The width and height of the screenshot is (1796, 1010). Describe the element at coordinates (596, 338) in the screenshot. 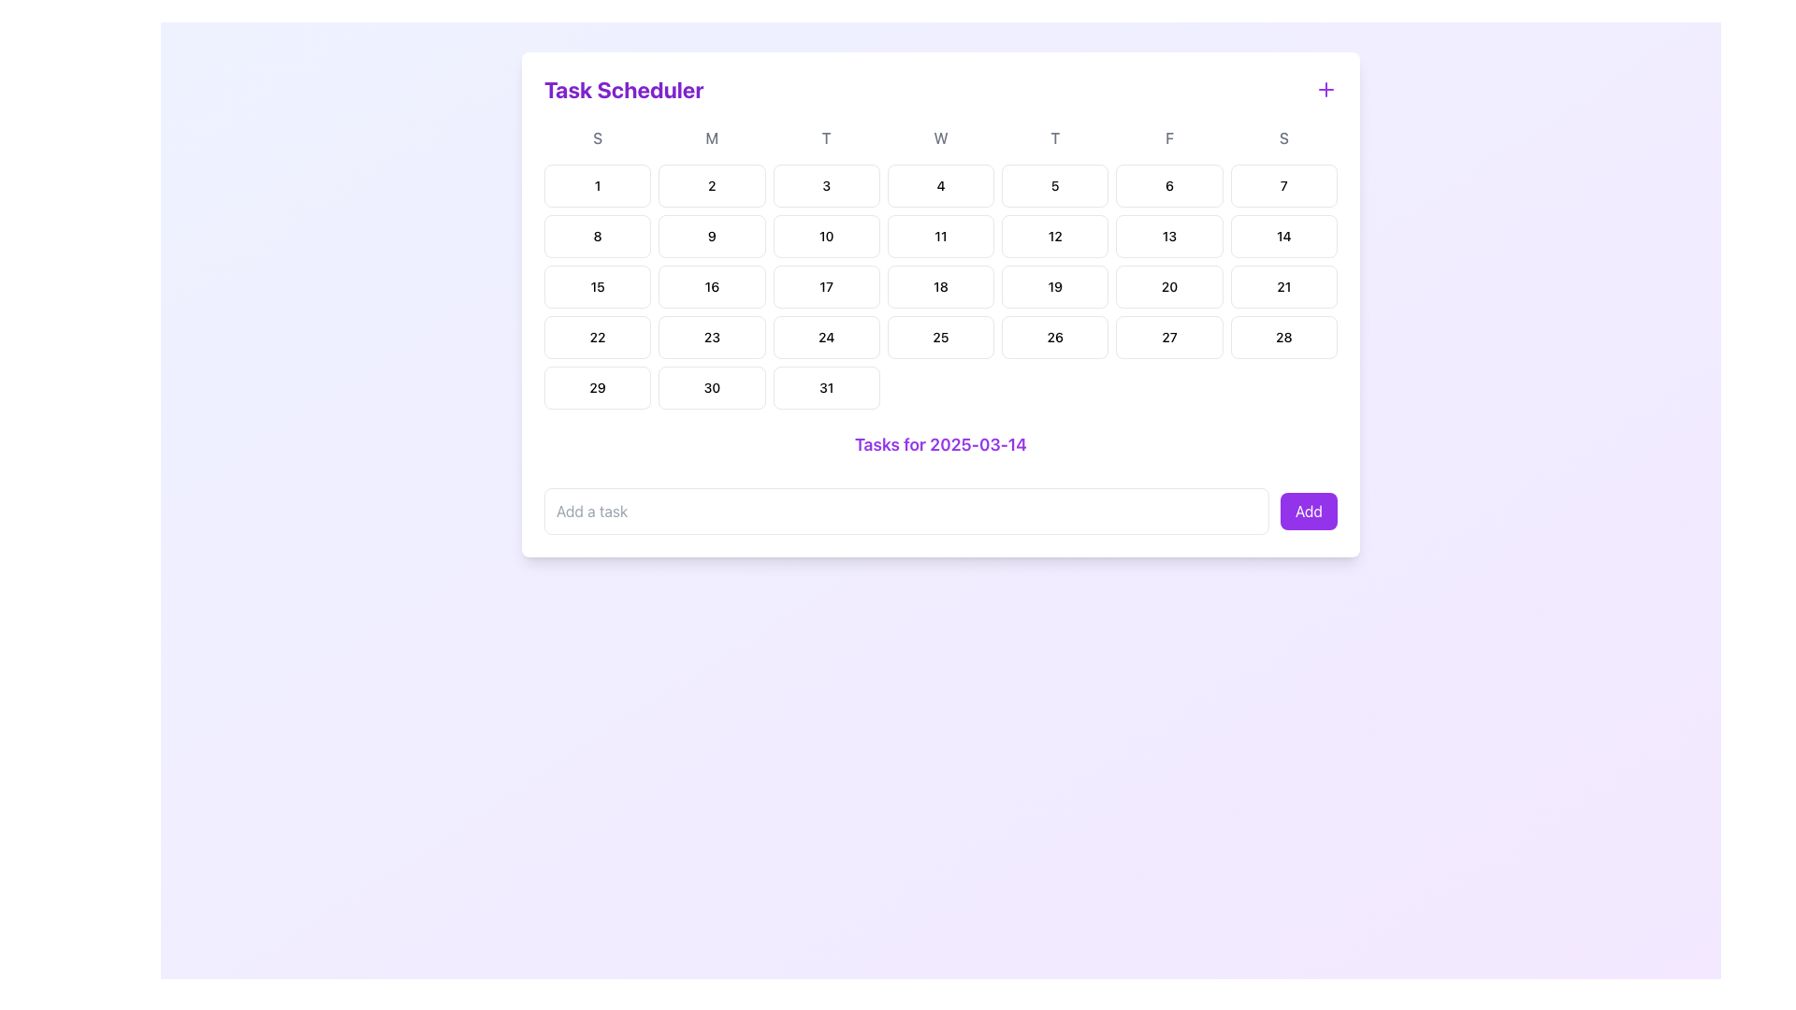

I see `the rectangular button with a white background and rounded corners displaying the number '22'` at that location.